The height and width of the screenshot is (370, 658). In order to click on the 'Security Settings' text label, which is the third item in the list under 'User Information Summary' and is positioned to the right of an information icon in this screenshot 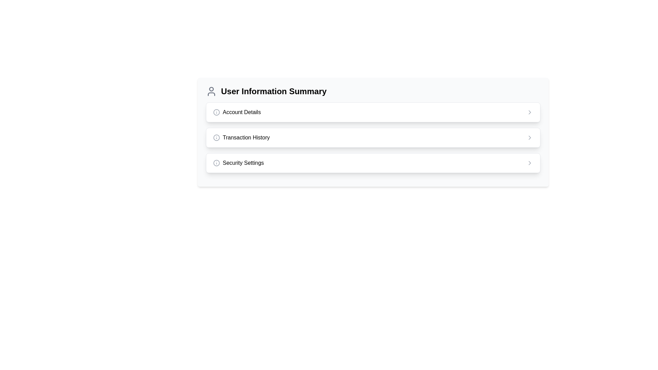, I will do `click(243, 163)`.